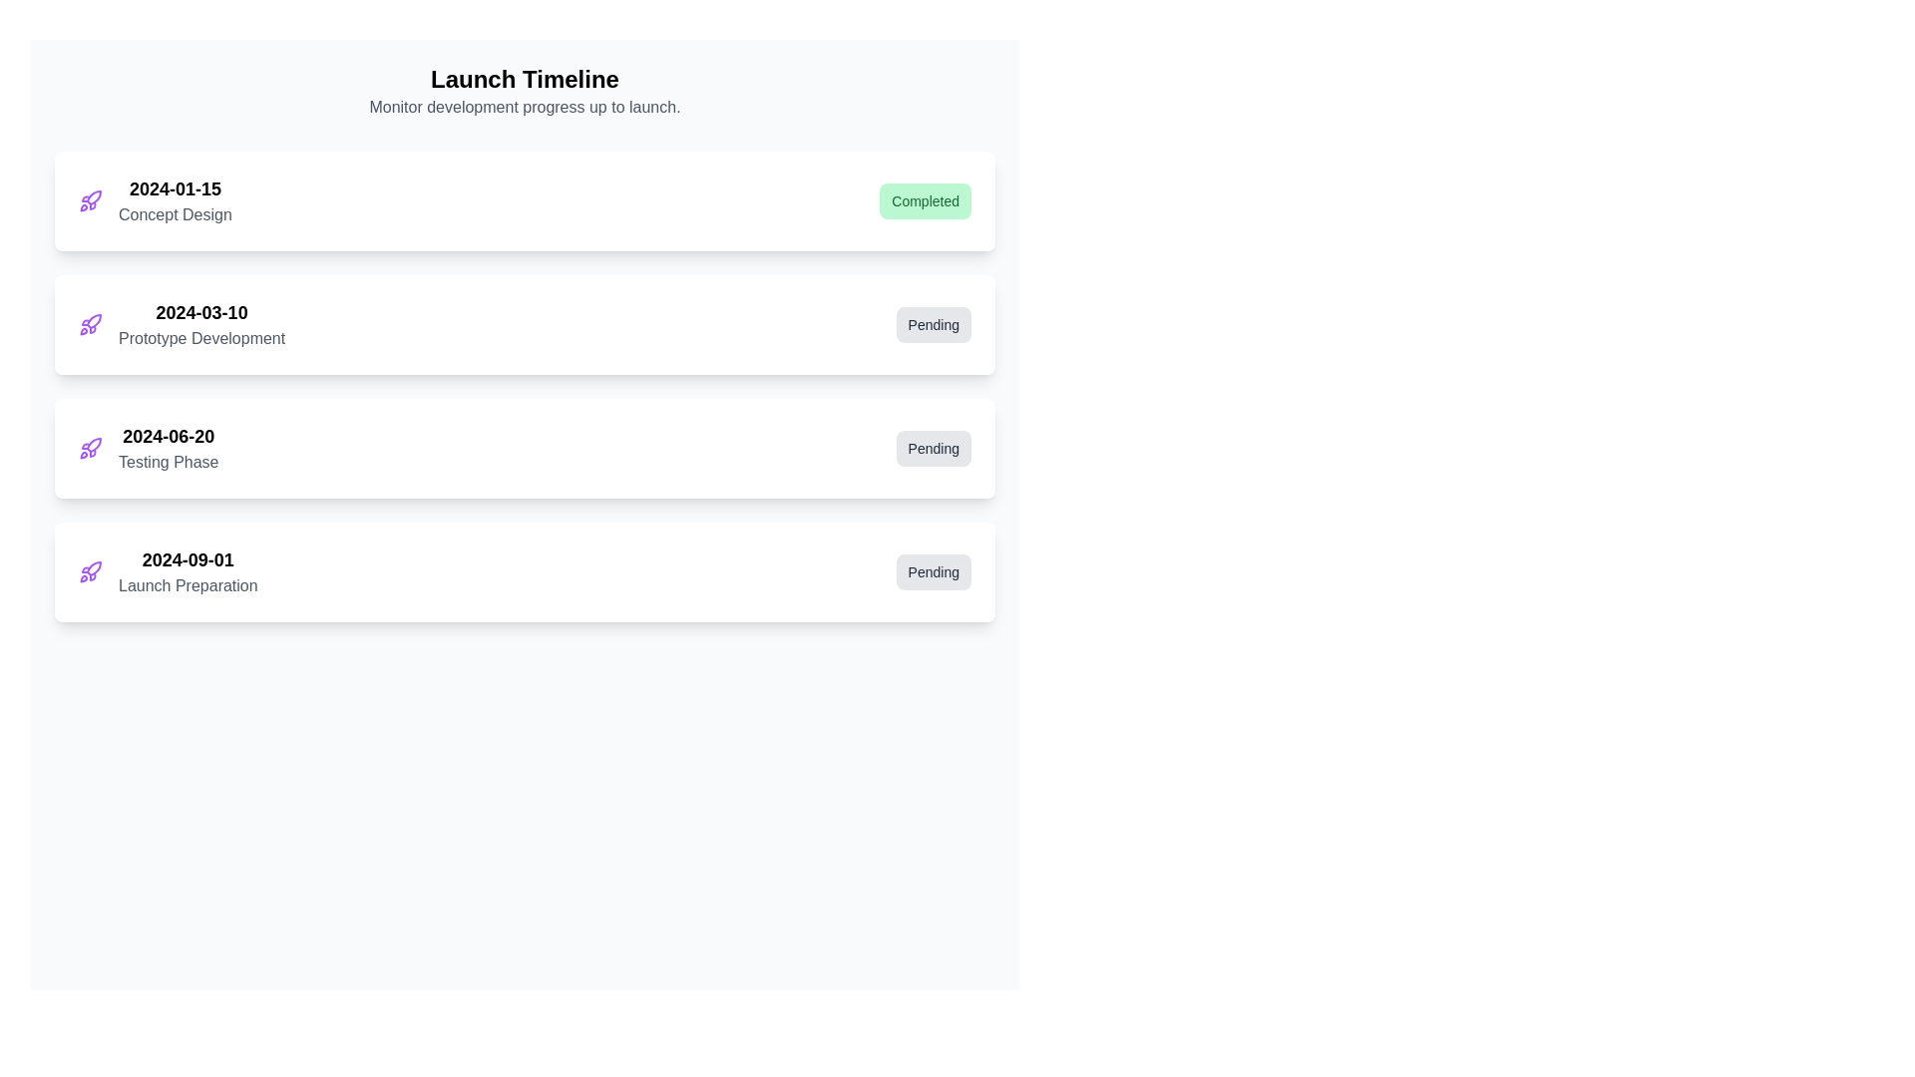  I want to click on the 'Prototype Development' timeline event item, so click(182, 324).